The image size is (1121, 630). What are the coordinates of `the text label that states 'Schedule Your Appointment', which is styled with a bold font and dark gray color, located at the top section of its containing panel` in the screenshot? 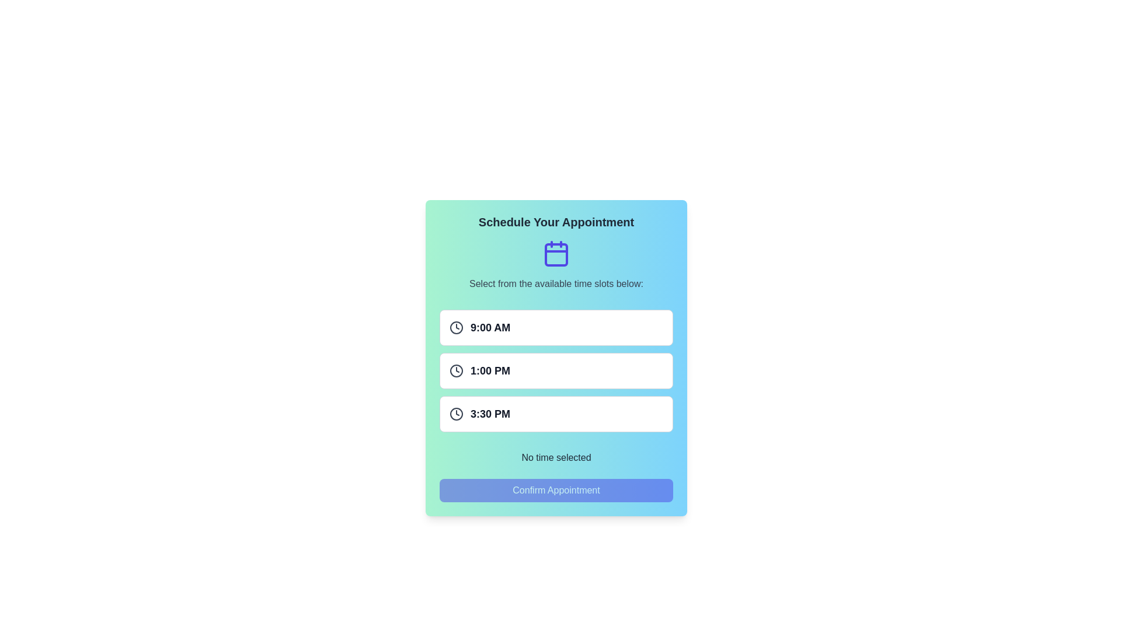 It's located at (556, 222).